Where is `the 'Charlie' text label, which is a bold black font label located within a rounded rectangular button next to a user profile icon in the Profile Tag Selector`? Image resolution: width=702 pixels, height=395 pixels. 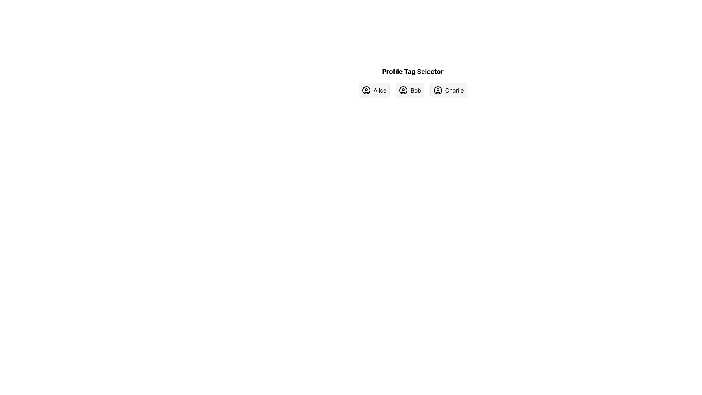 the 'Charlie' text label, which is a bold black font label located within a rounded rectangular button next to a user profile icon in the Profile Tag Selector is located at coordinates (454, 90).